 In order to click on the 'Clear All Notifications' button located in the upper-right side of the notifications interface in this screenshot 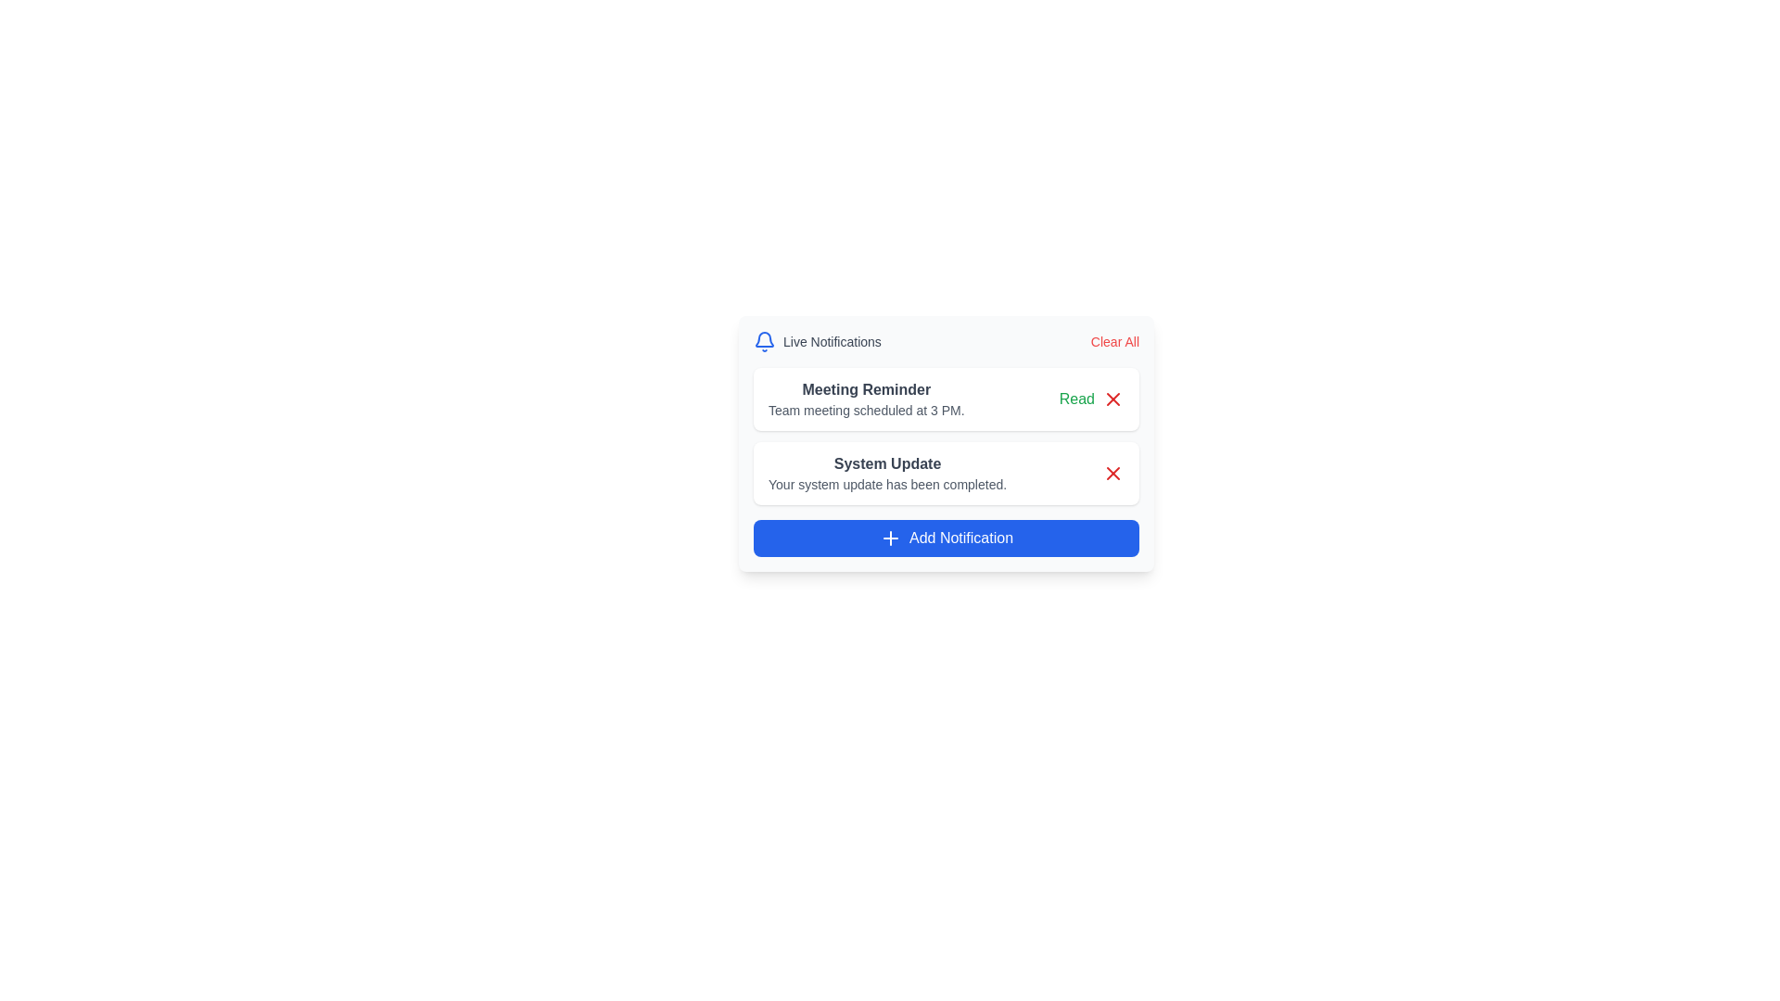, I will do `click(1113, 342)`.